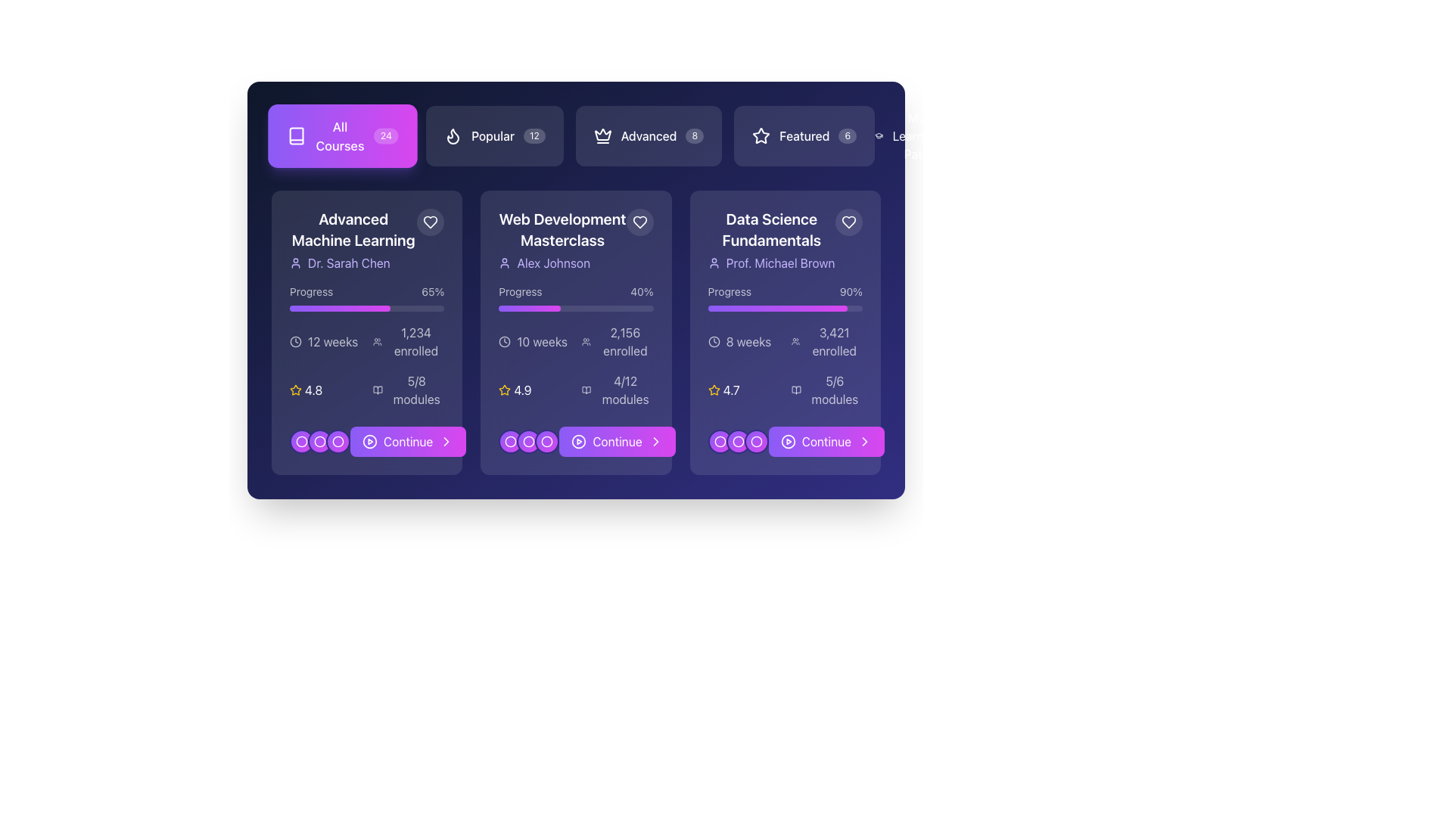 Image resolution: width=1453 pixels, height=817 pixels. I want to click on the Rating indicator located in the lower left quadrant of the second card from the left in the course items grid, so click(534, 390).